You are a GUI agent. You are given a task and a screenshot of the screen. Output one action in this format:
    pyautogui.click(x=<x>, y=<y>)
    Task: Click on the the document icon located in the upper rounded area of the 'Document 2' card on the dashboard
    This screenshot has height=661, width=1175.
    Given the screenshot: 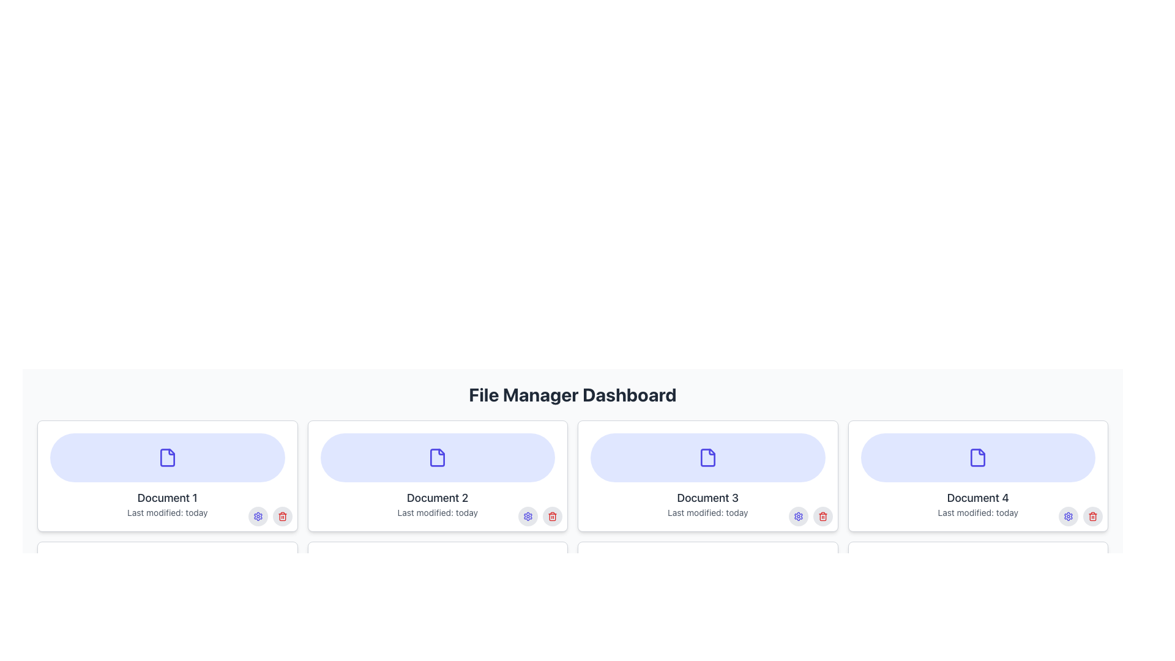 What is the action you would take?
    pyautogui.click(x=438, y=458)
    